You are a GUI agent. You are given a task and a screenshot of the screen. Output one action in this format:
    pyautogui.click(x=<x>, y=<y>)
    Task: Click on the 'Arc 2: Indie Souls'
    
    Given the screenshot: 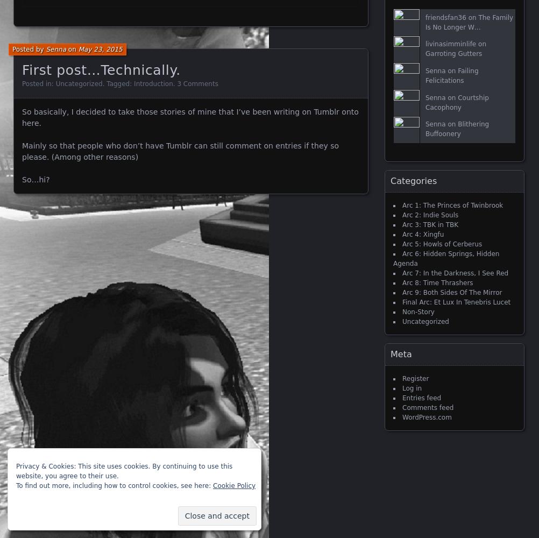 What is the action you would take?
    pyautogui.click(x=429, y=215)
    